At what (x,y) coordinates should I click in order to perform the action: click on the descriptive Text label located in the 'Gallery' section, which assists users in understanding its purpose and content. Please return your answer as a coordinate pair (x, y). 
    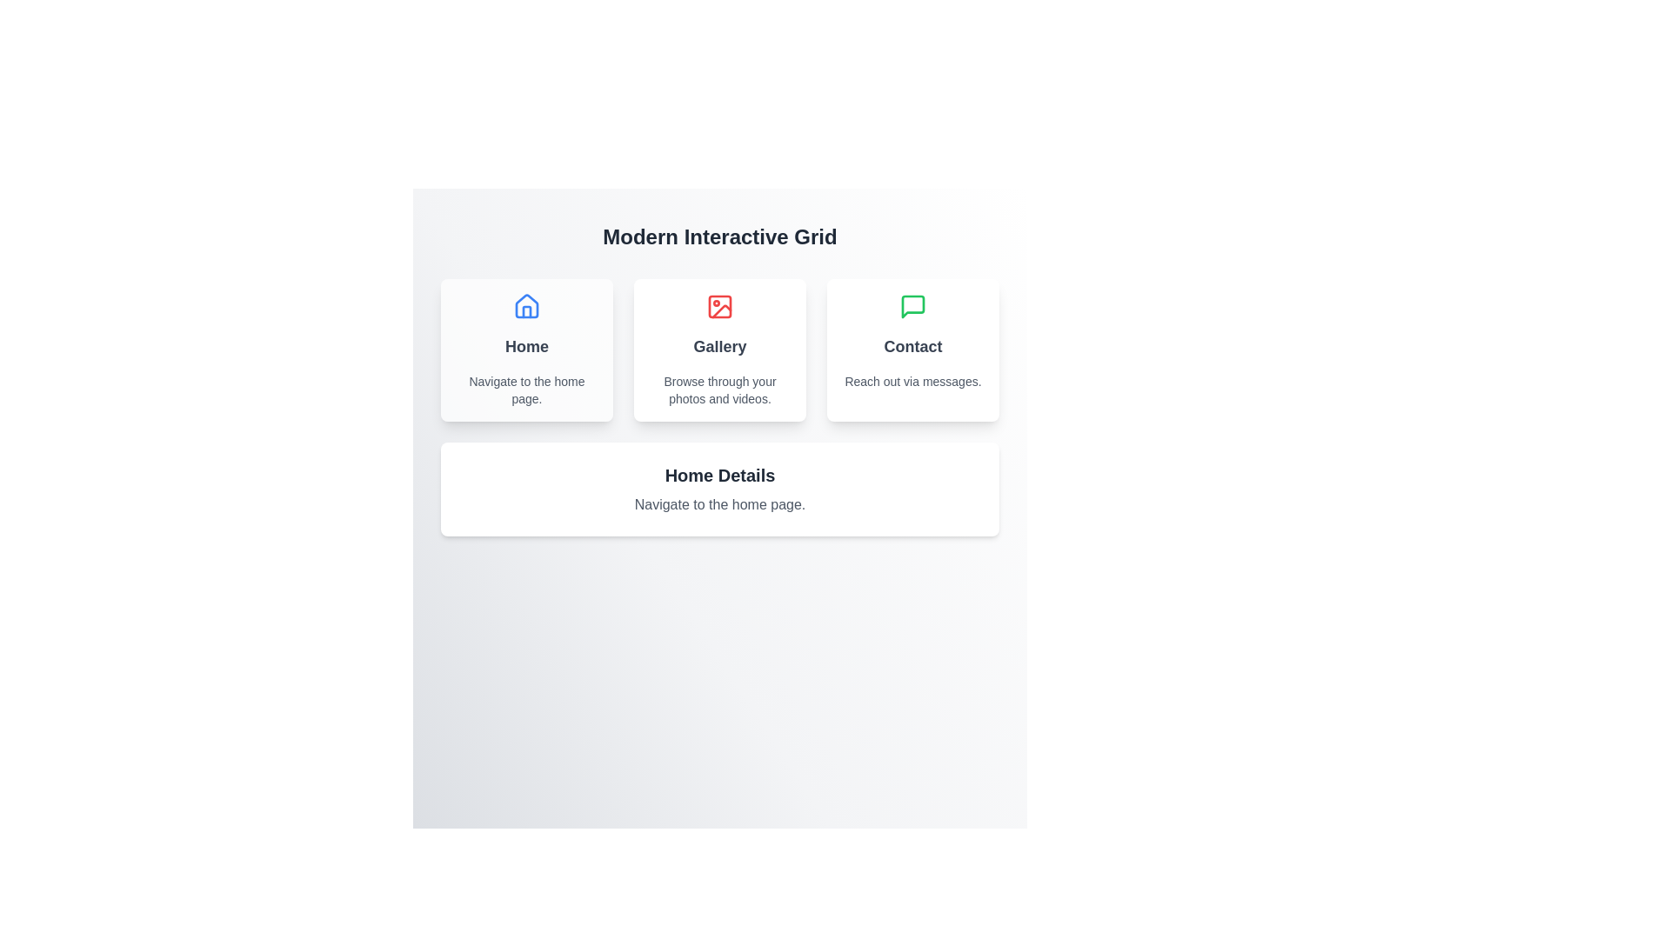
    Looking at the image, I should click on (720, 389).